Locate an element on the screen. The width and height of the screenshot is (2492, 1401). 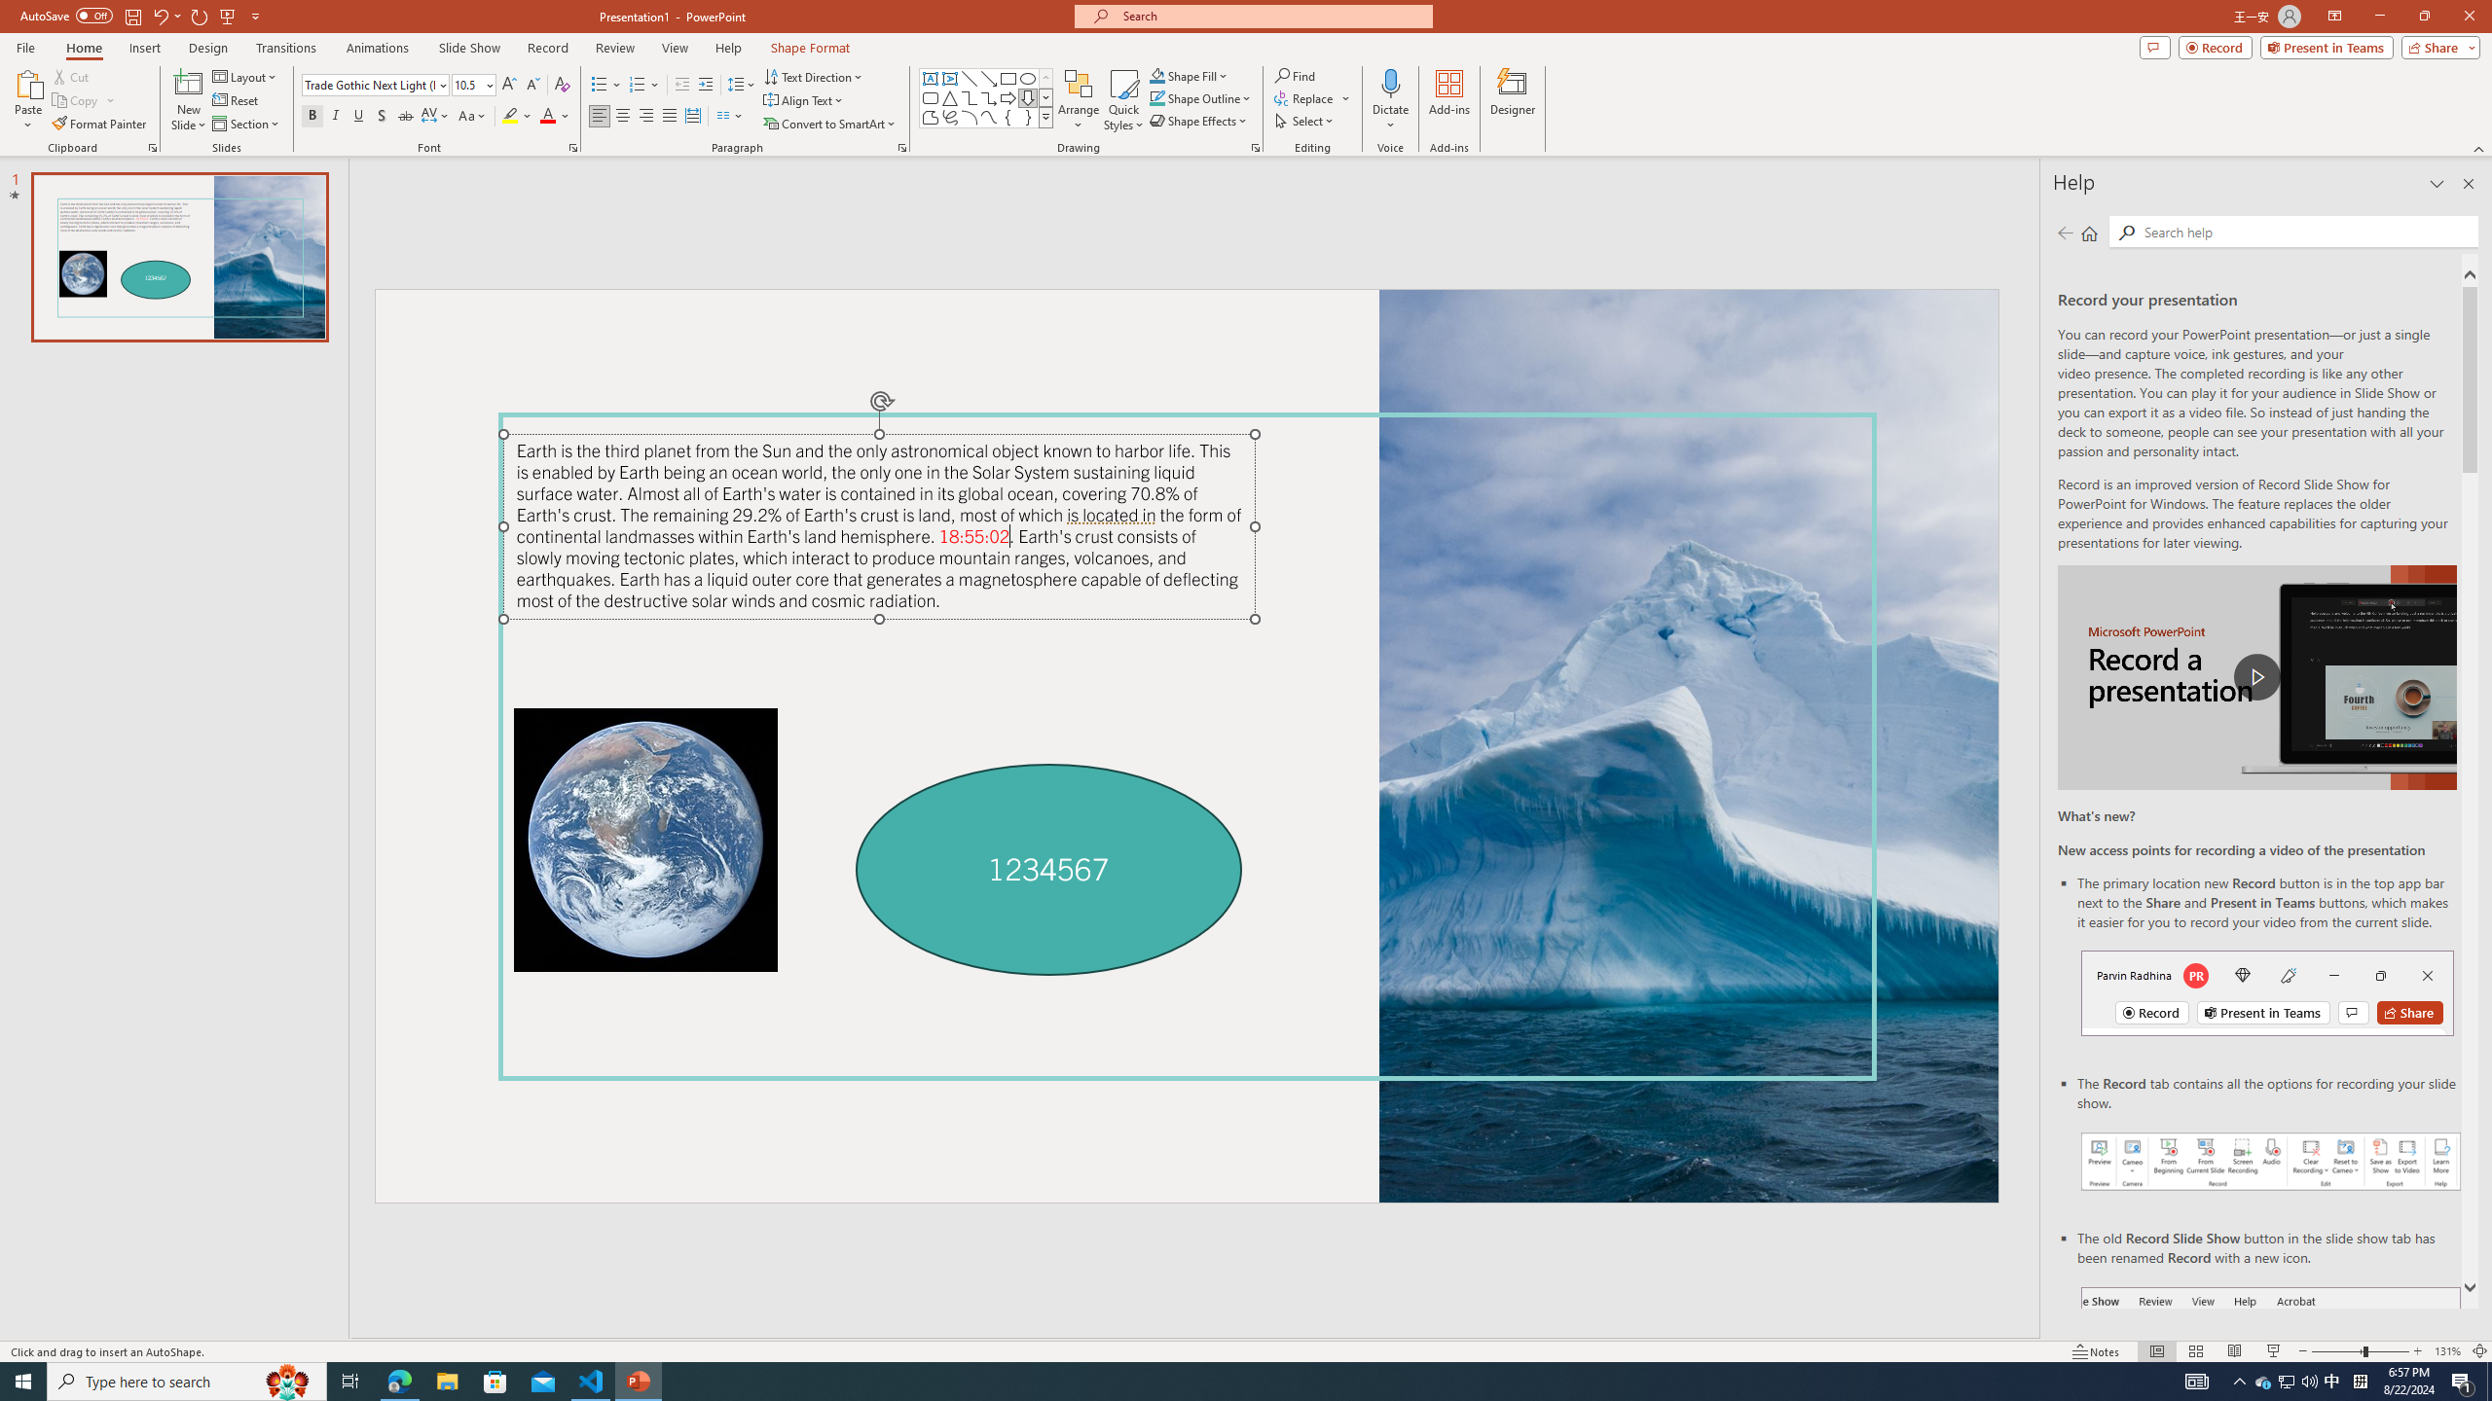
'Align Left' is located at coordinates (599, 115).